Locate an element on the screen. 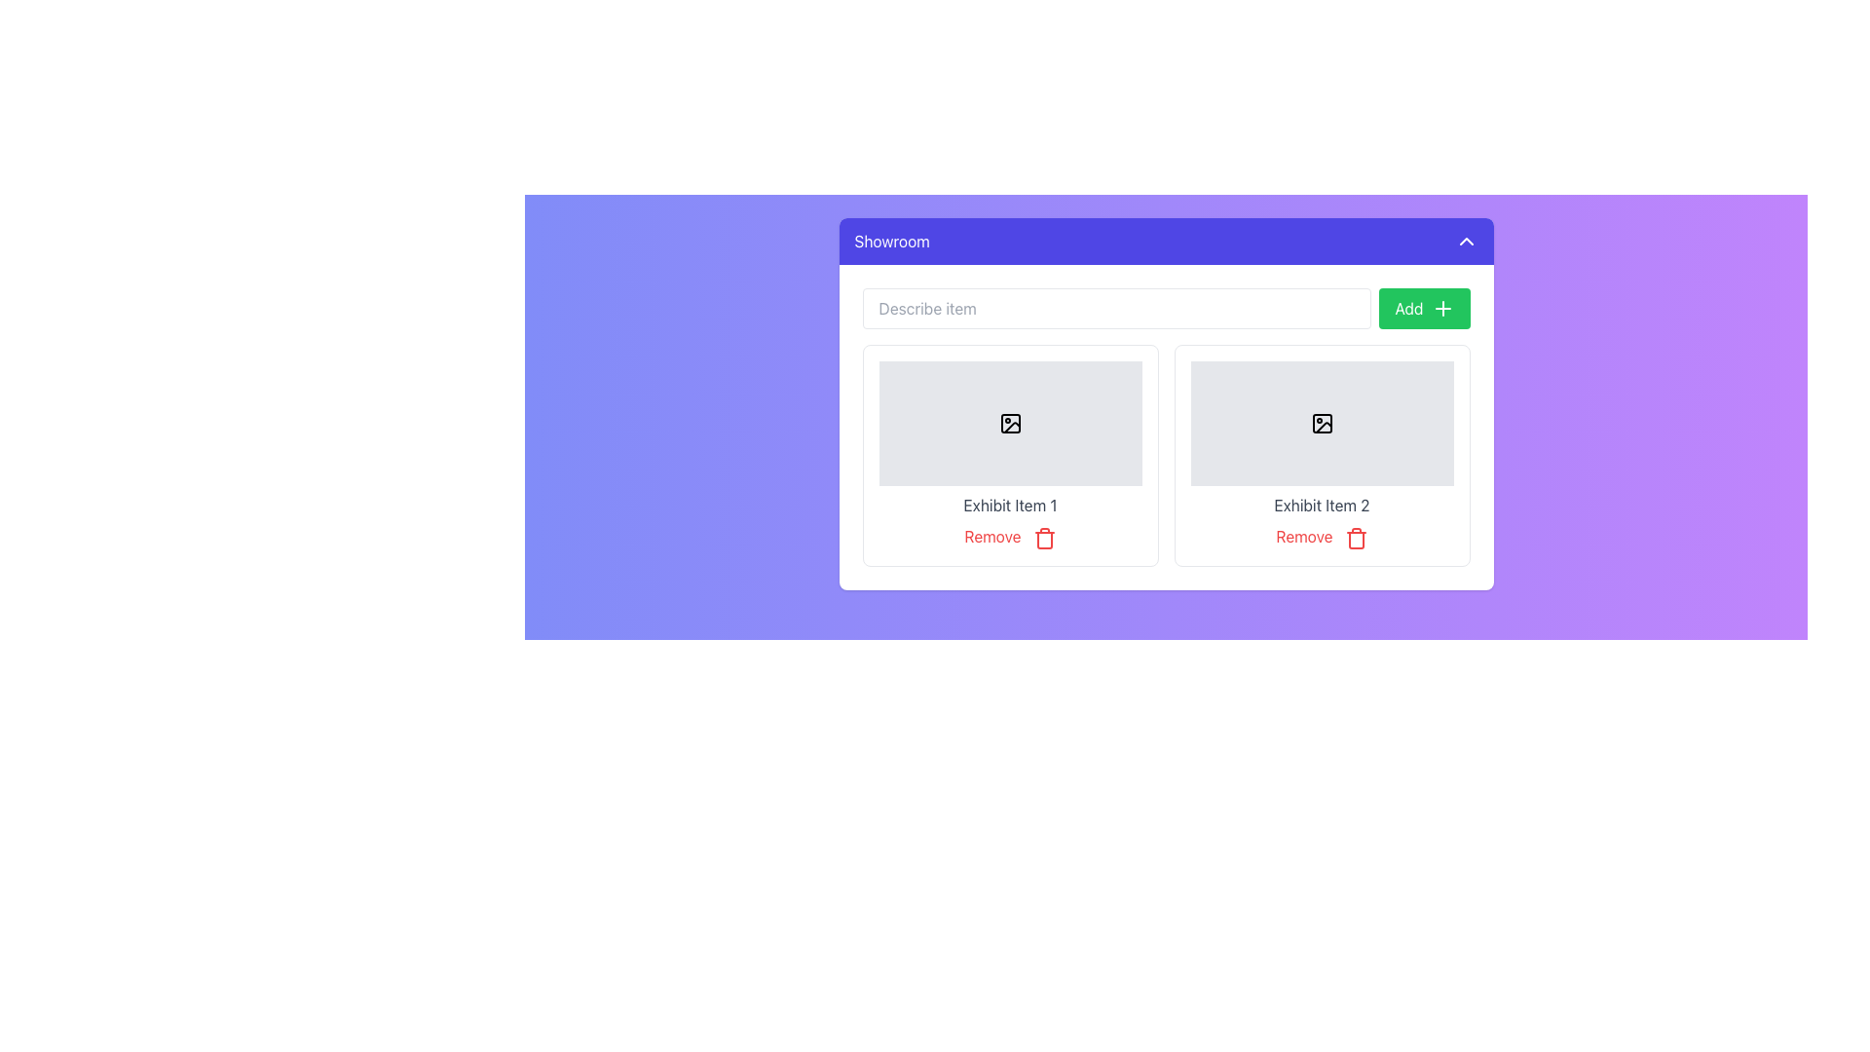 This screenshot has width=1870, height=1052. the plus icon within the 'Add' button, which is located at the top-right corner of the content box is located at coordinates (1442, 307).